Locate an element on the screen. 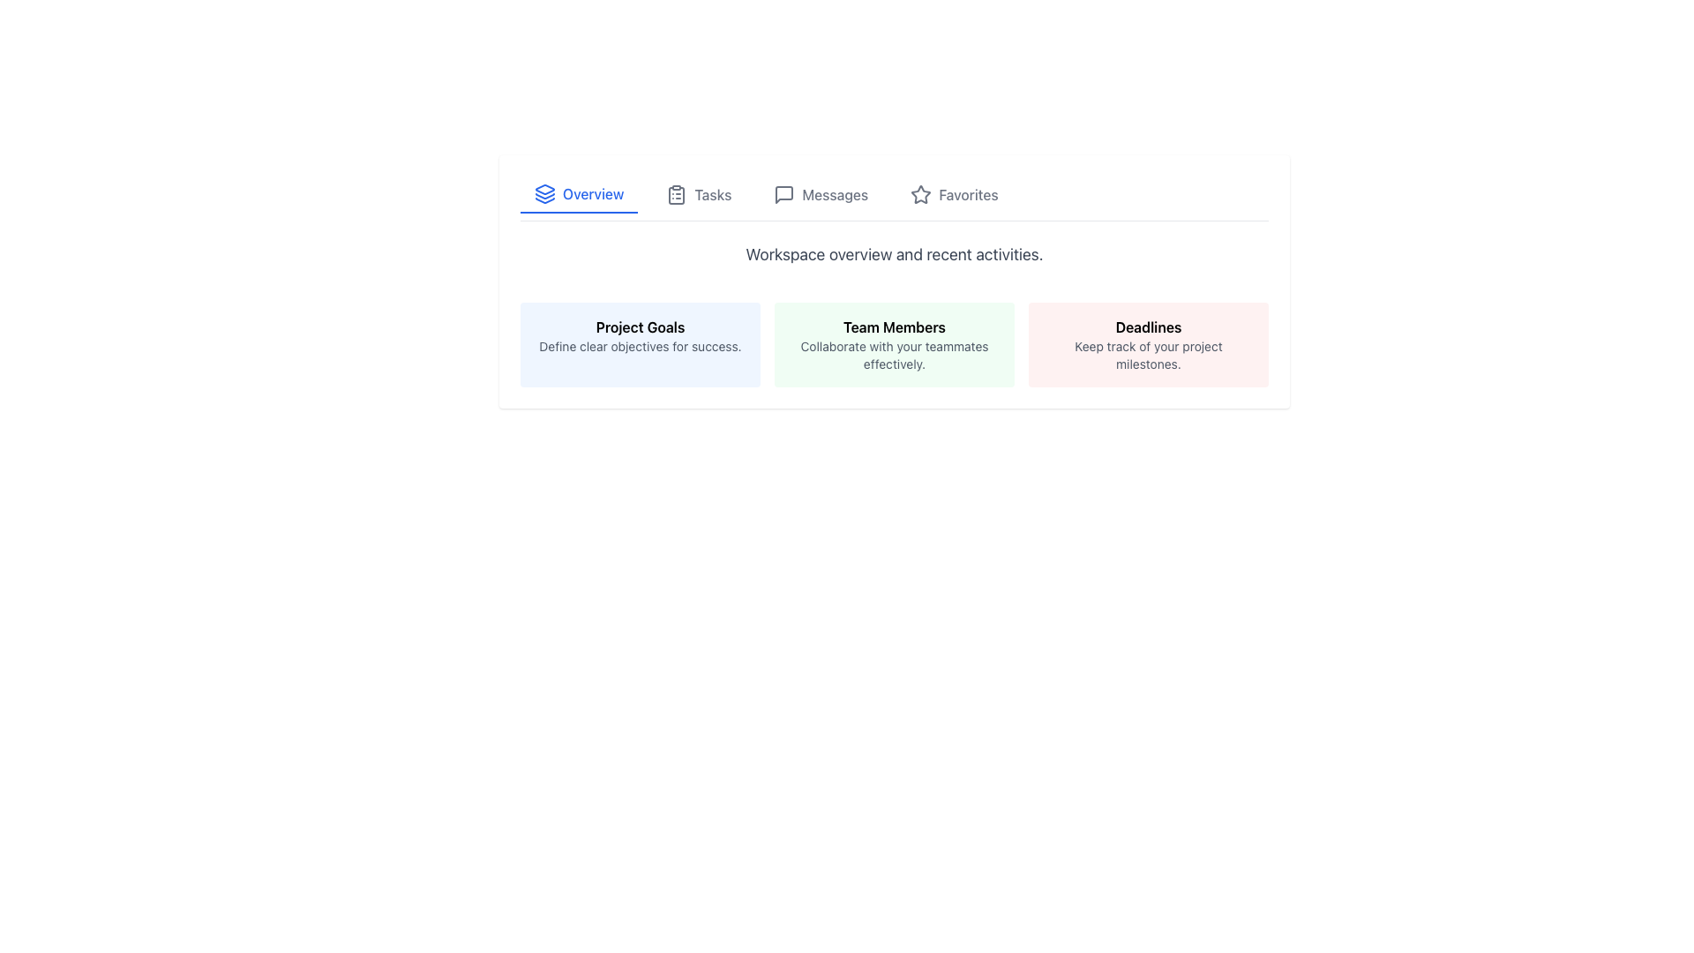 This screenshot has height=953, width=1694. the Icon Button resembling a speech bubble located in the navigation bar near the 'Messages' text label is located at coordinates (783, 194).